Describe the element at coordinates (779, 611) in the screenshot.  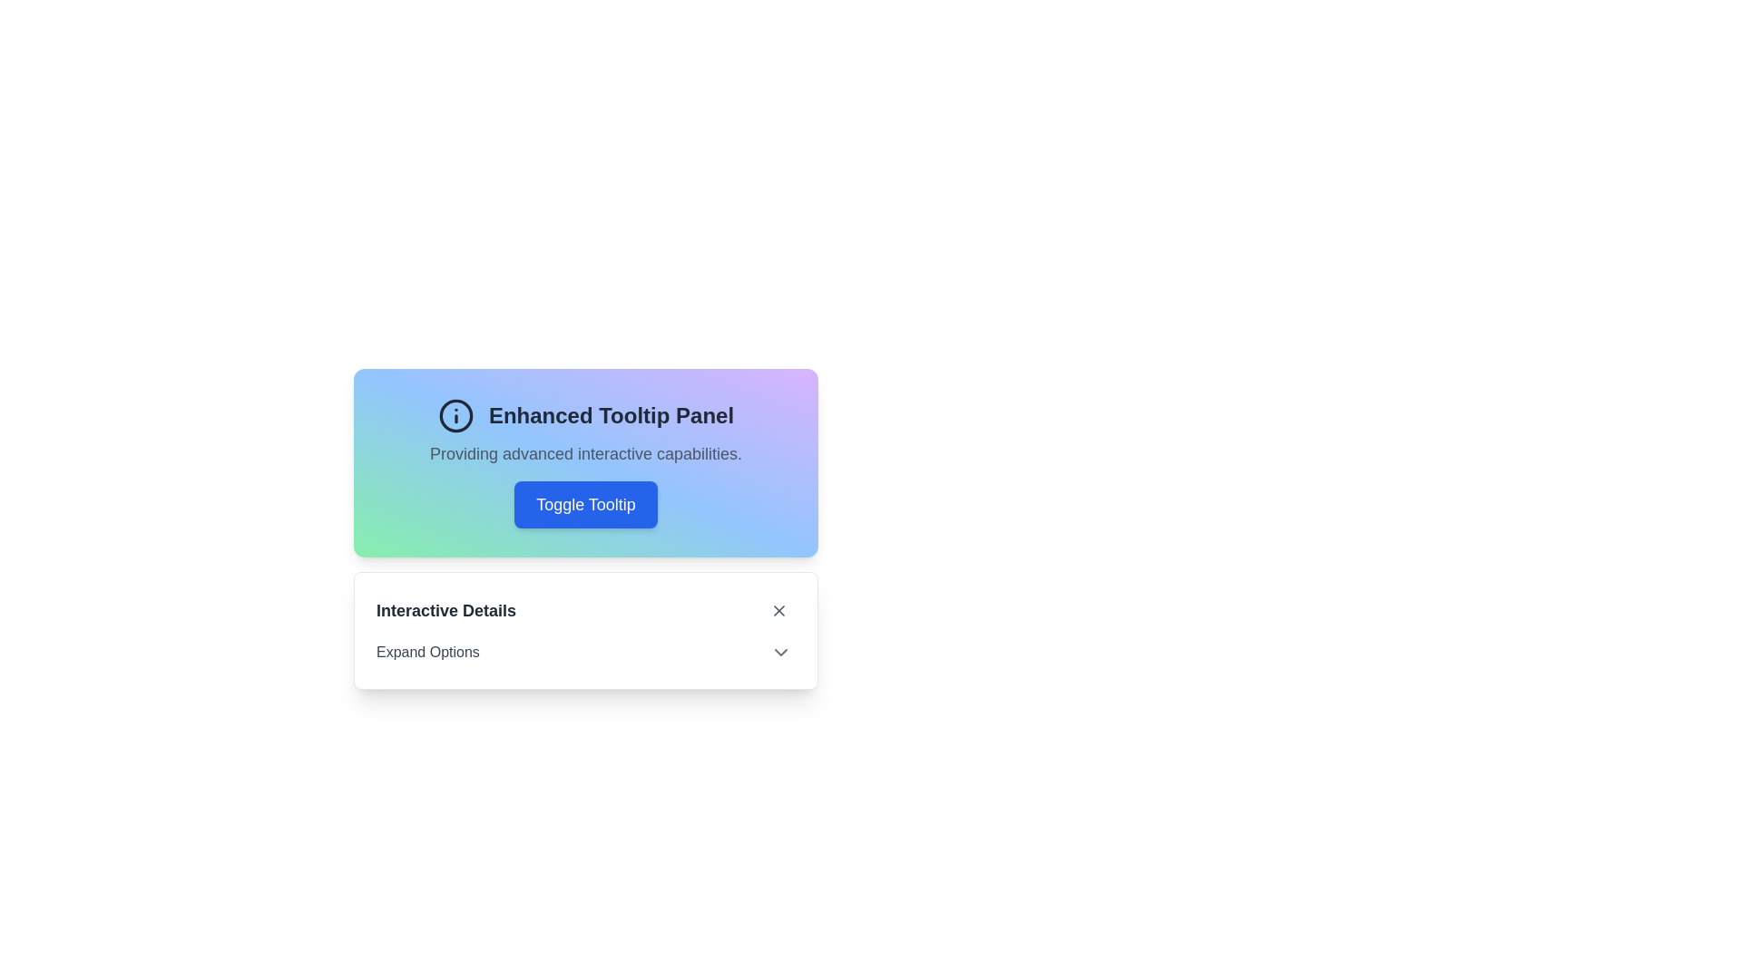
I see `the small button represented by an 'X' icon located at the far right within the 'Interactive Details' row` at that location.